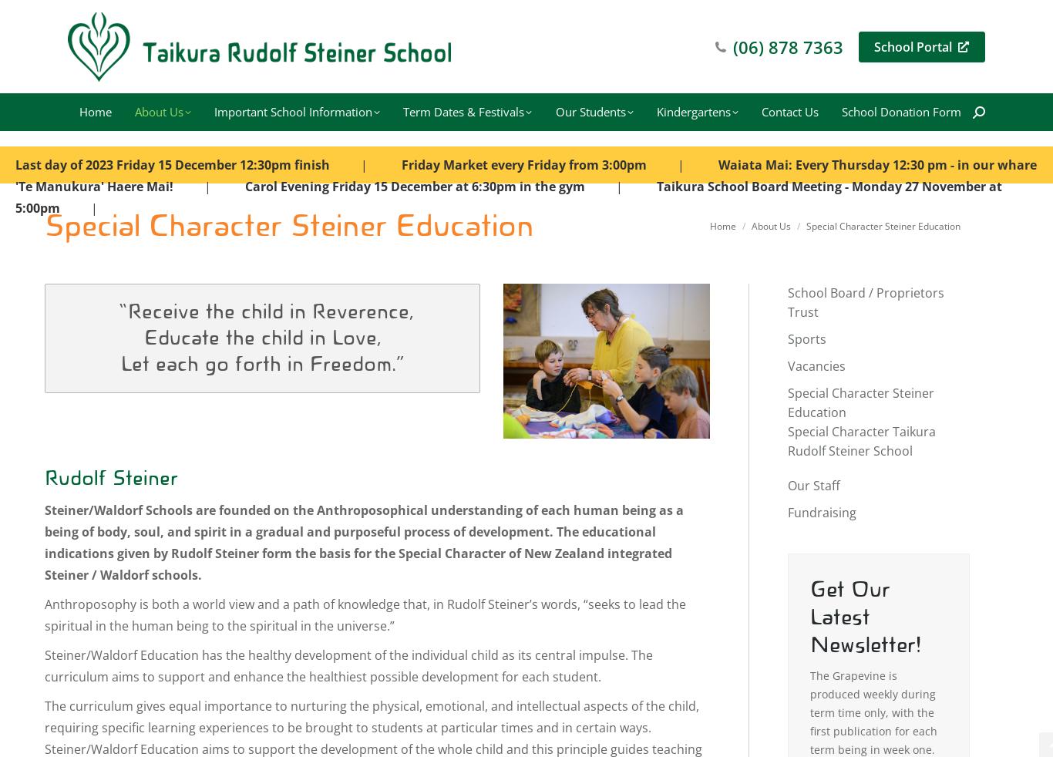  What do you see at coordinates (525, 175) in the screenshot?
I see `'Waiata Mai: Every Thursday 12:30 pm - in our whare 'Te Manukura' Haere Mai!'` at bounding box center [525, 175].